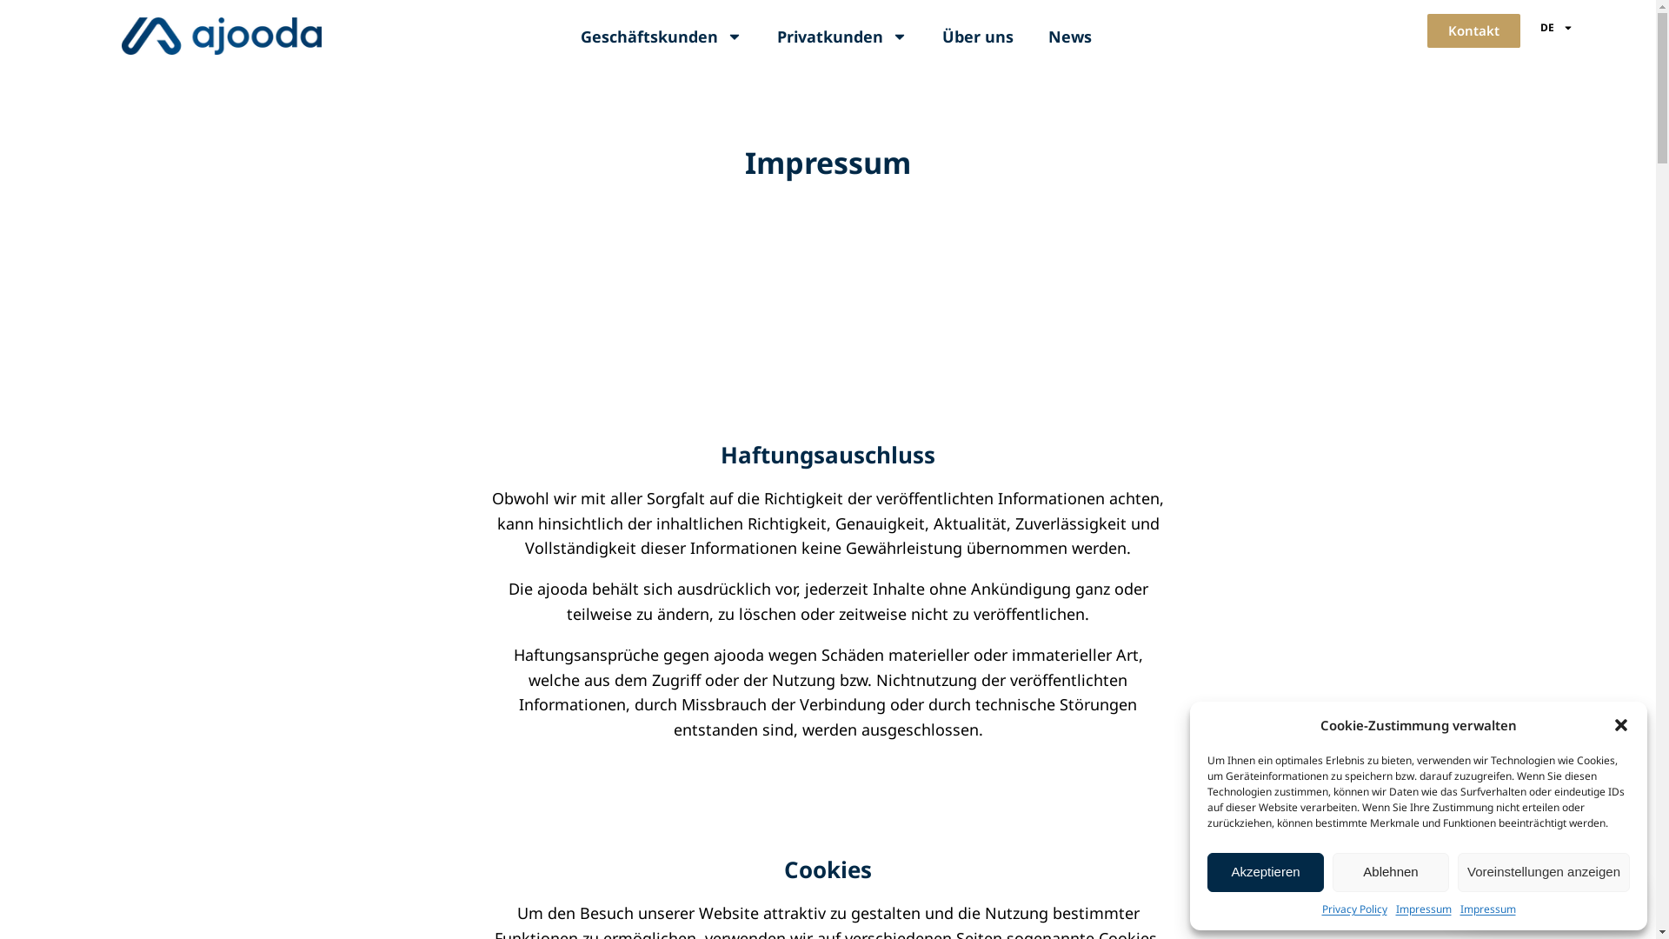  I want to click on 'Impressum', so click(1423, 908).